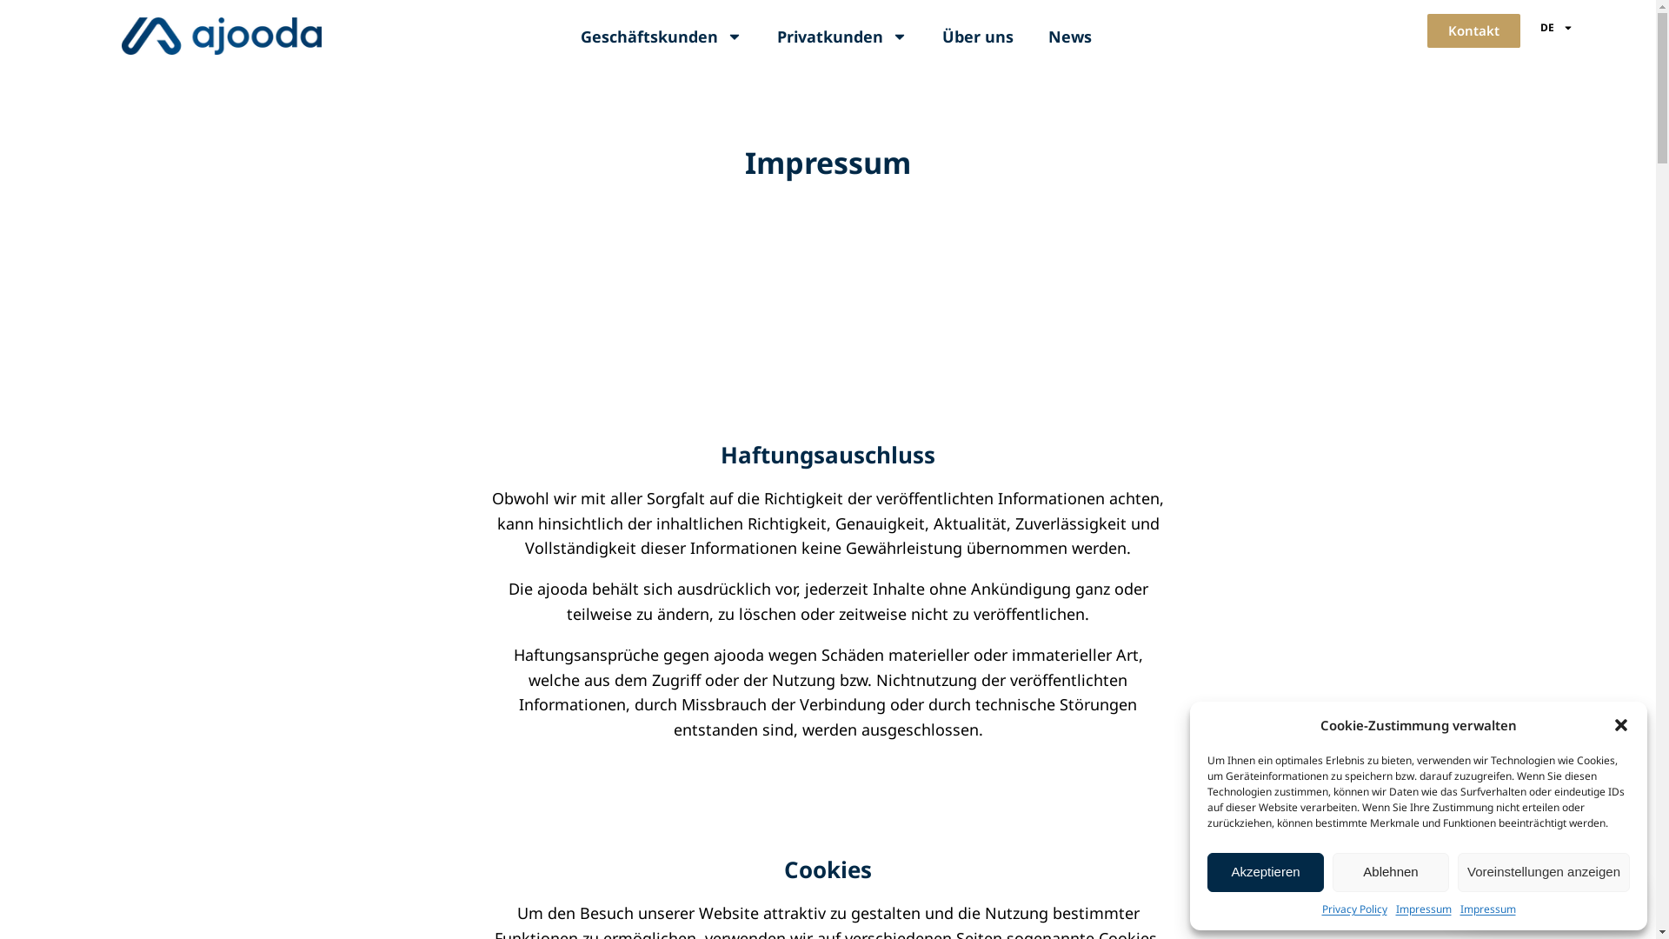  I want to click on 'Impressum', so click(1423, 908).